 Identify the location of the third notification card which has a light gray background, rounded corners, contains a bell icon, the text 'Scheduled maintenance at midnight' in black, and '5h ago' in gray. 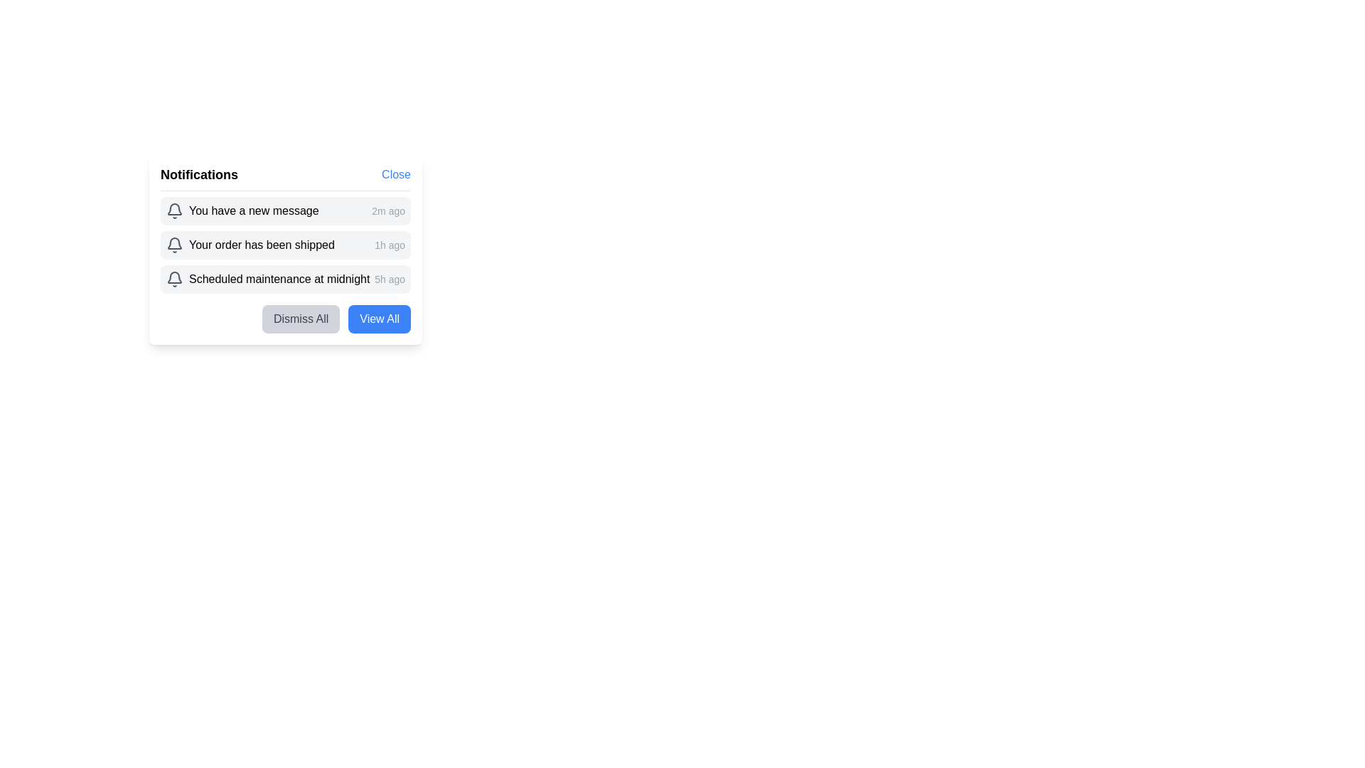
(285, 279).